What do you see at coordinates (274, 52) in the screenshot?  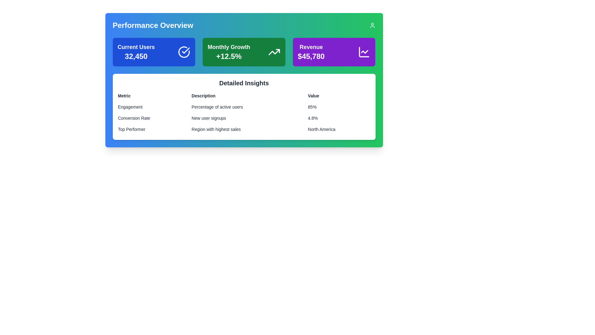 I see `growth icon located on the right side of the 'Monthly Growth' section, which is associated with the '+12.5%' metric` at bounding box center [274, 52].